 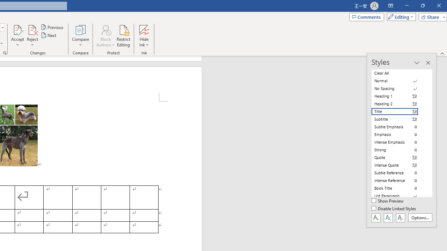 What do you see at coordinates (399, 157) in the screenshot?
I see `'Quote'` at bounding box center [399, 157].